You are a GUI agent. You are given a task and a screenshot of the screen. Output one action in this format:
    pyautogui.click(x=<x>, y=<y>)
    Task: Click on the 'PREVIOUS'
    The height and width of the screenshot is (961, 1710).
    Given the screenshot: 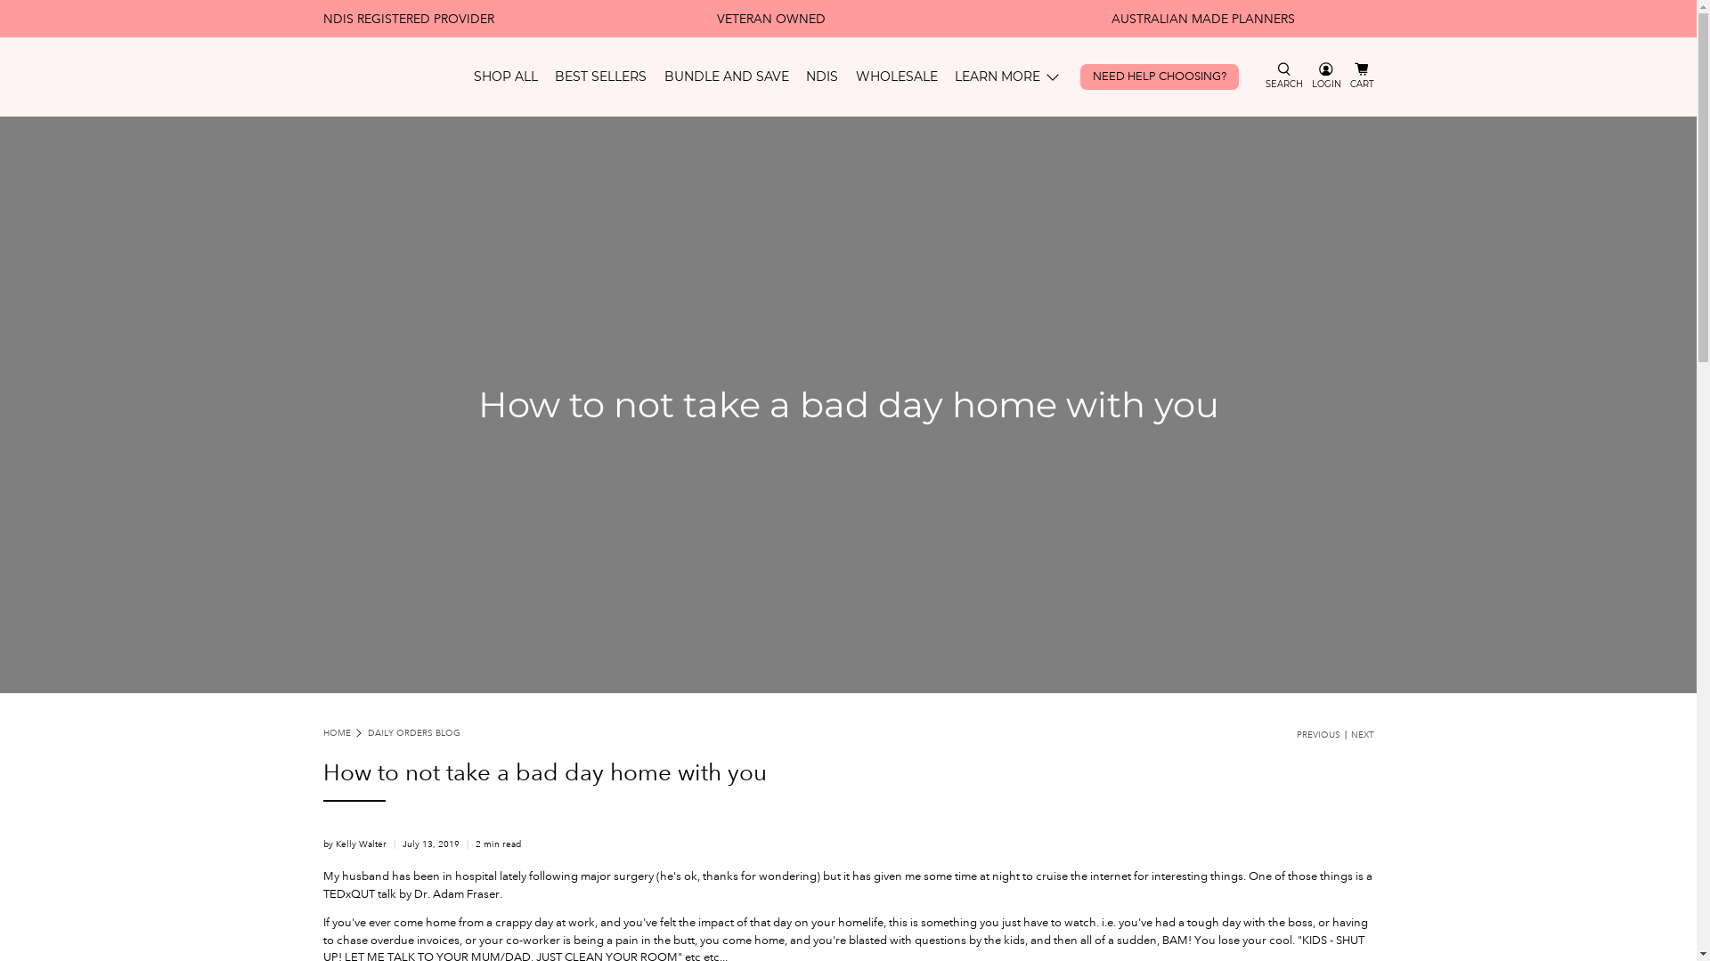 What is the action you would take?
    pyautogui.click(x=1318, y=734)
    